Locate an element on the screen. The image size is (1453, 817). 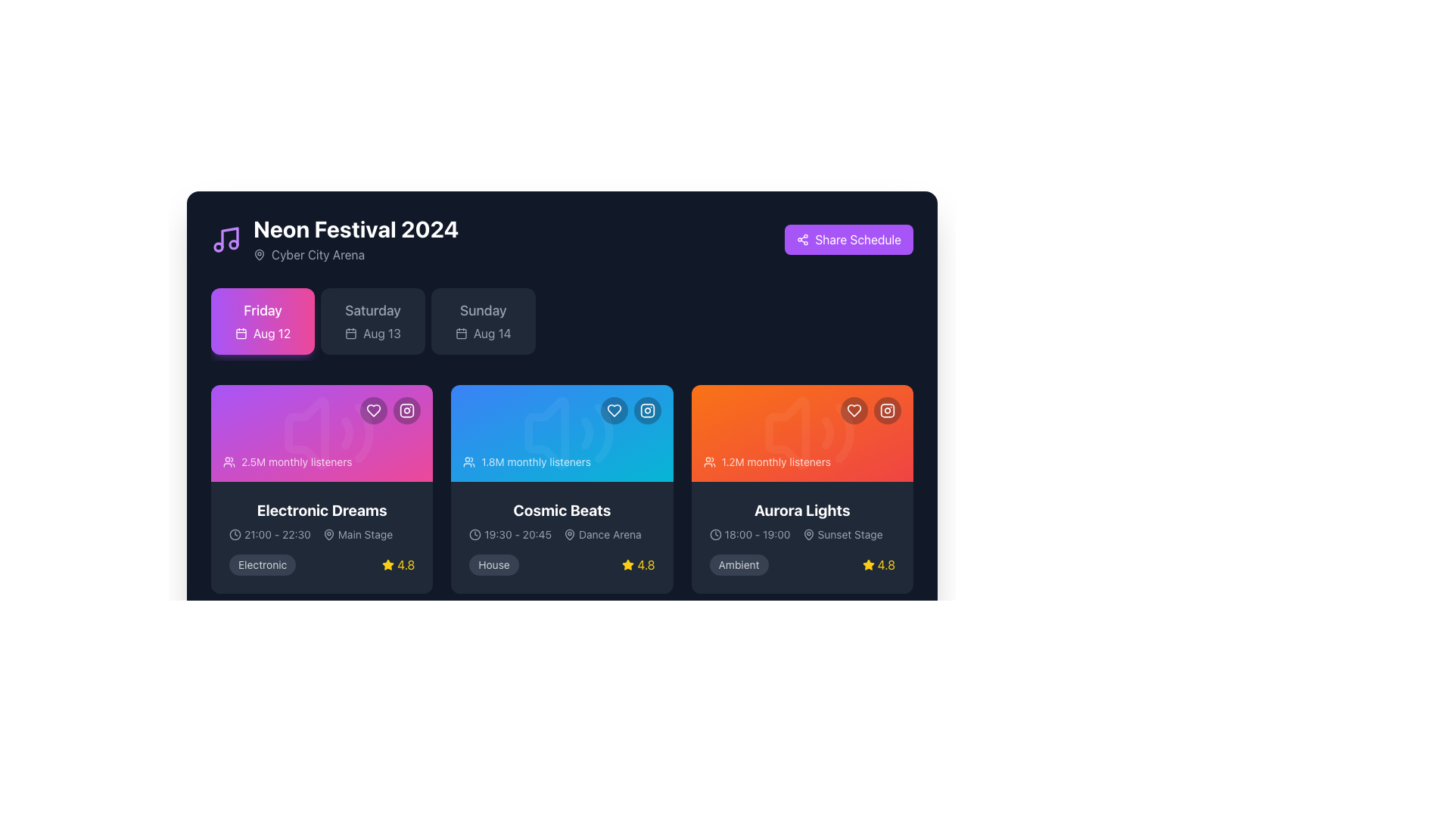
the text label displaying the time range '21:00 - 22:30' with a clock icon, located in the bottom-left corner of the event card is located at coordinates (269, 533).